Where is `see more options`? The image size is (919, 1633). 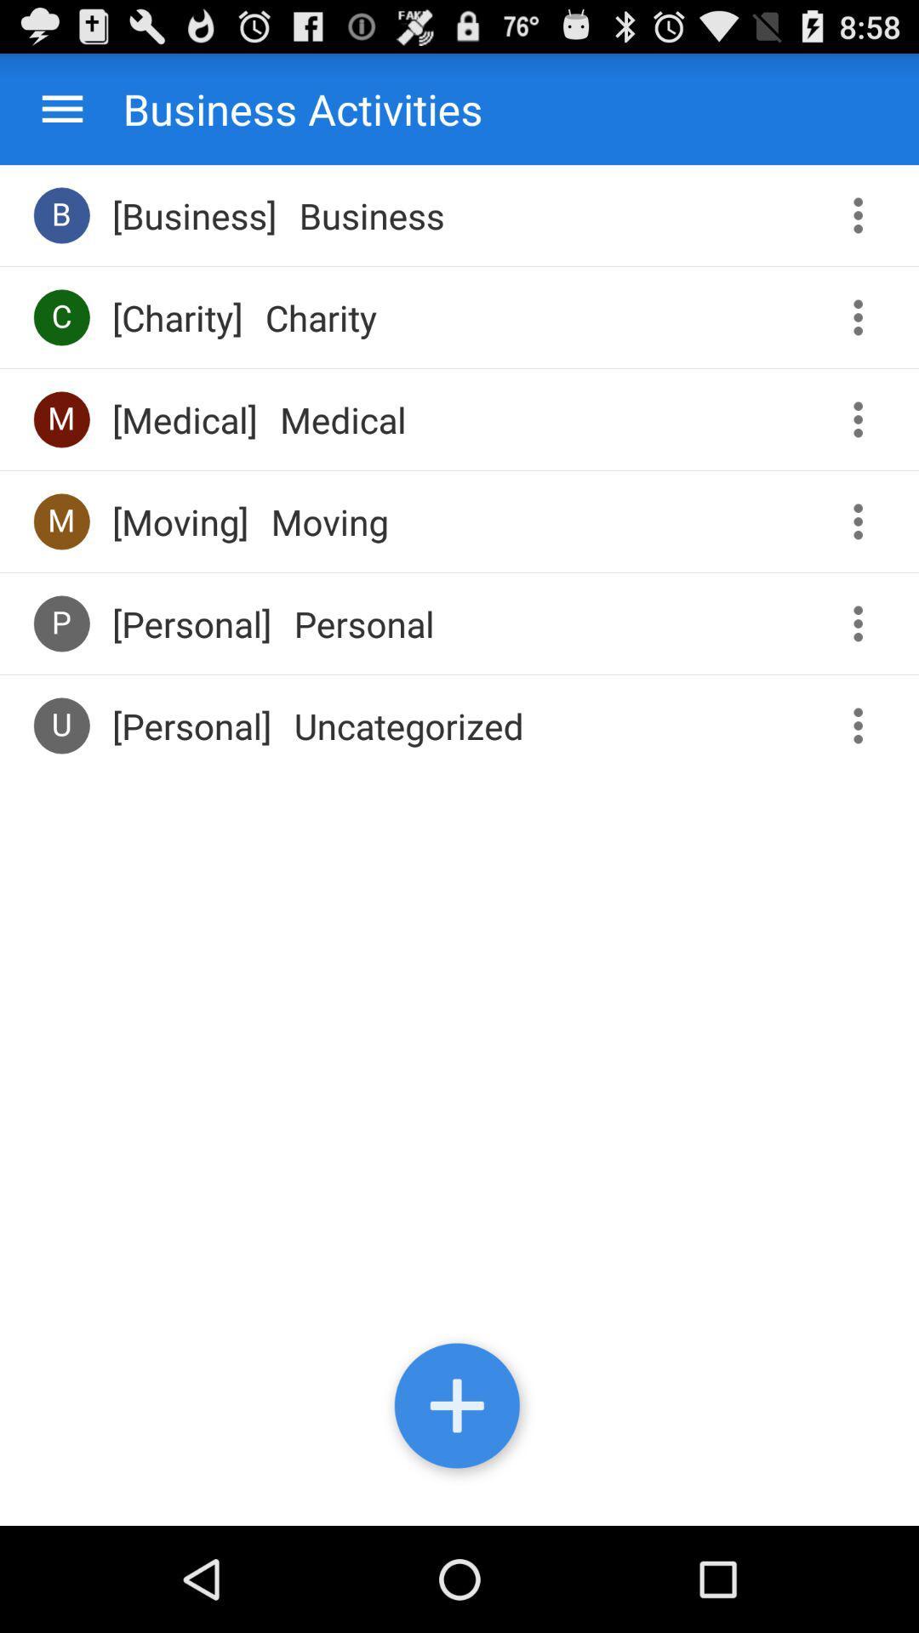
see more options is located at coordinates (864, 521).